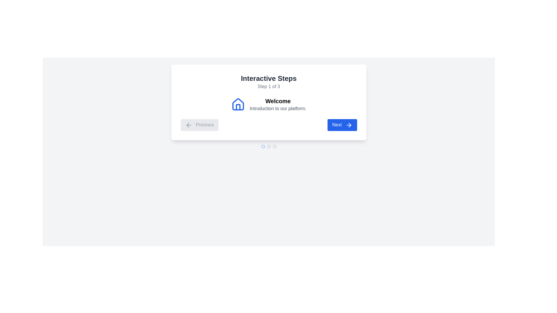  What do you see at coordinates (278, 105) in the screenshot?
I see `the text block containing 'Welcome' in bold and 'Introduction to our platform.' in smaller gray text, which is centrally positioned in the interface` at bounding box center [278, 105].